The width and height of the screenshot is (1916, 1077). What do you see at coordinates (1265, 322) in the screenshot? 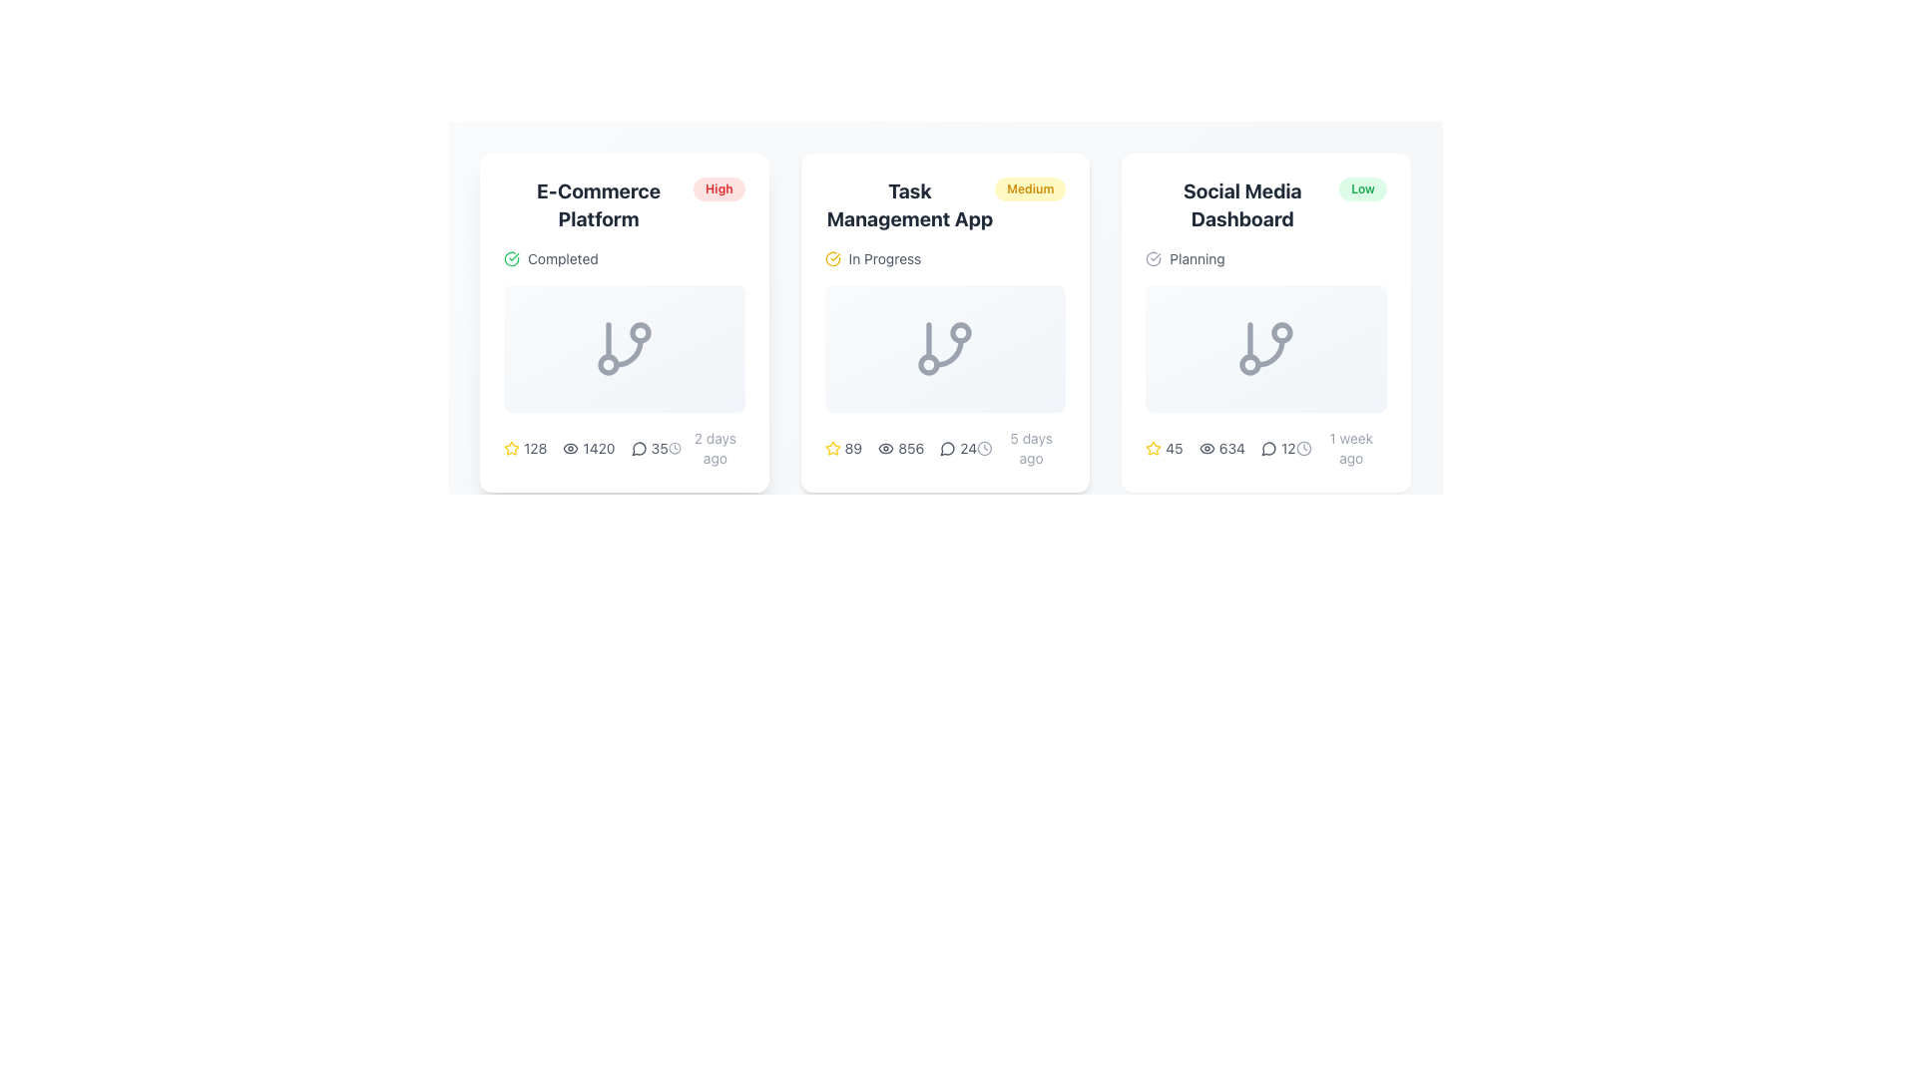
I see `the 'Social Media Dashboard' card component, which has a white background, rounded corners, and displays a status label 'Low' in green` at bounding box center [1265, 322].